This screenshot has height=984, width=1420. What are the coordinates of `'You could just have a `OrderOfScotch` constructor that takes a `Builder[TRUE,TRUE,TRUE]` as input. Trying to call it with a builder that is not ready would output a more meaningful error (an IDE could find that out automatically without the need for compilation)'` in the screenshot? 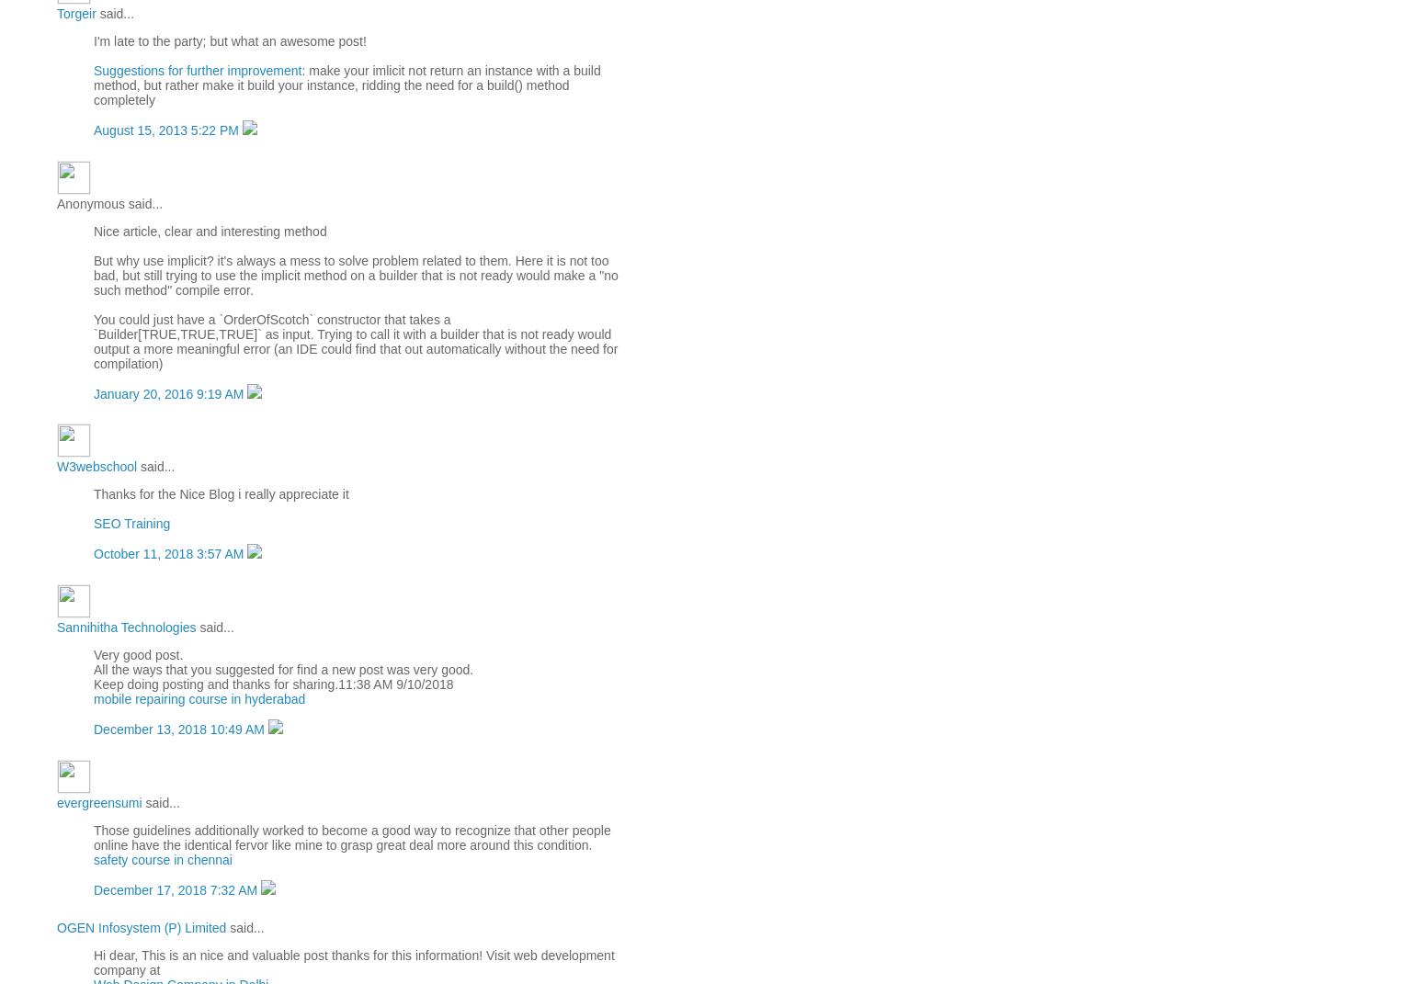 It's located at (355, 339).